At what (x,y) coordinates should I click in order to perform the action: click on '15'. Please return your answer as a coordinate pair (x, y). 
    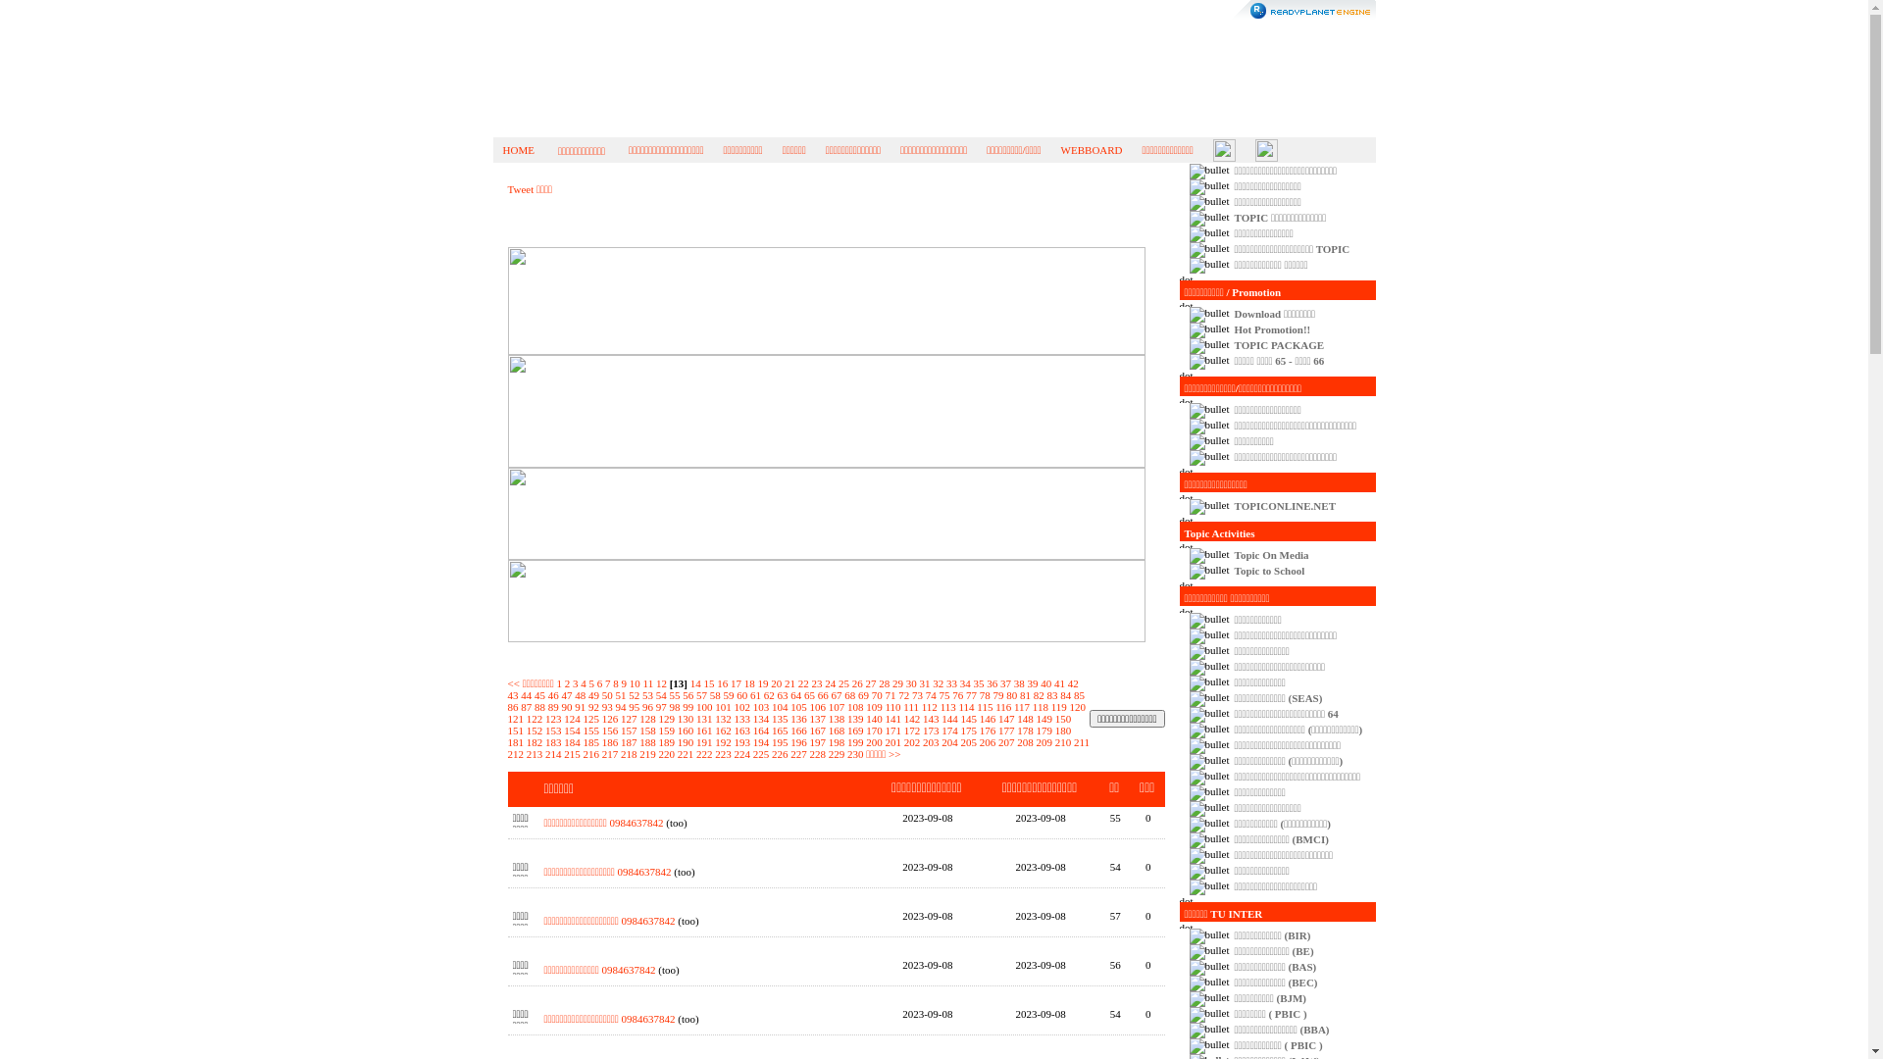
    Looking at the image, I should click on (702, 682).